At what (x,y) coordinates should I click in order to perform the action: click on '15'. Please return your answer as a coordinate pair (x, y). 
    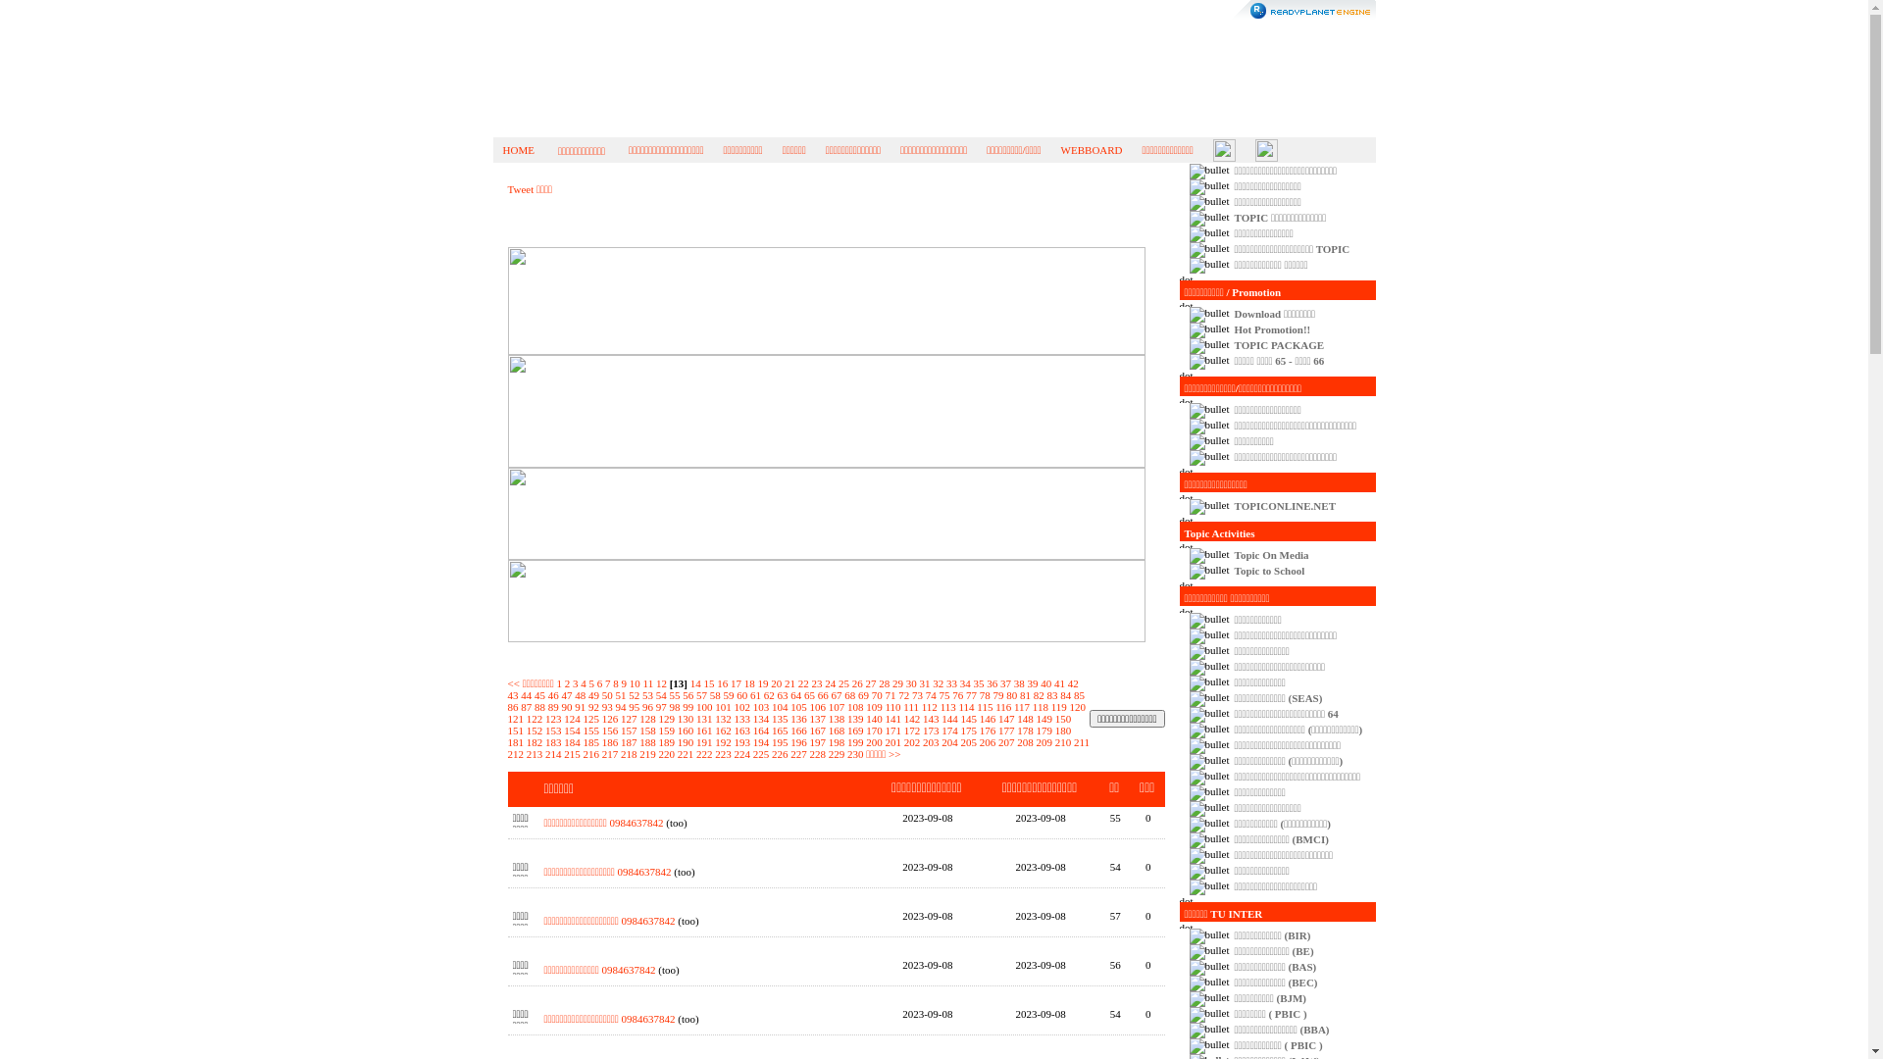
    Looking at the image, I should click on (702, 682).